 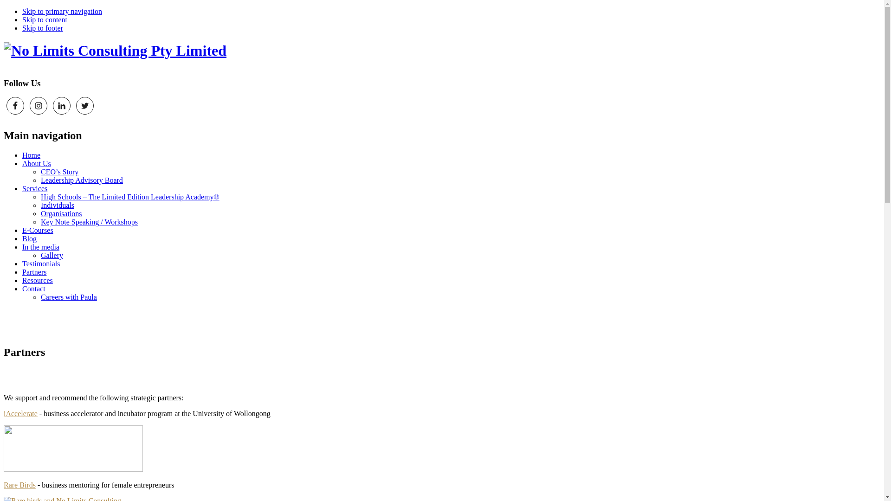 I want to click on 'Contact', so click(x=33, y=288).